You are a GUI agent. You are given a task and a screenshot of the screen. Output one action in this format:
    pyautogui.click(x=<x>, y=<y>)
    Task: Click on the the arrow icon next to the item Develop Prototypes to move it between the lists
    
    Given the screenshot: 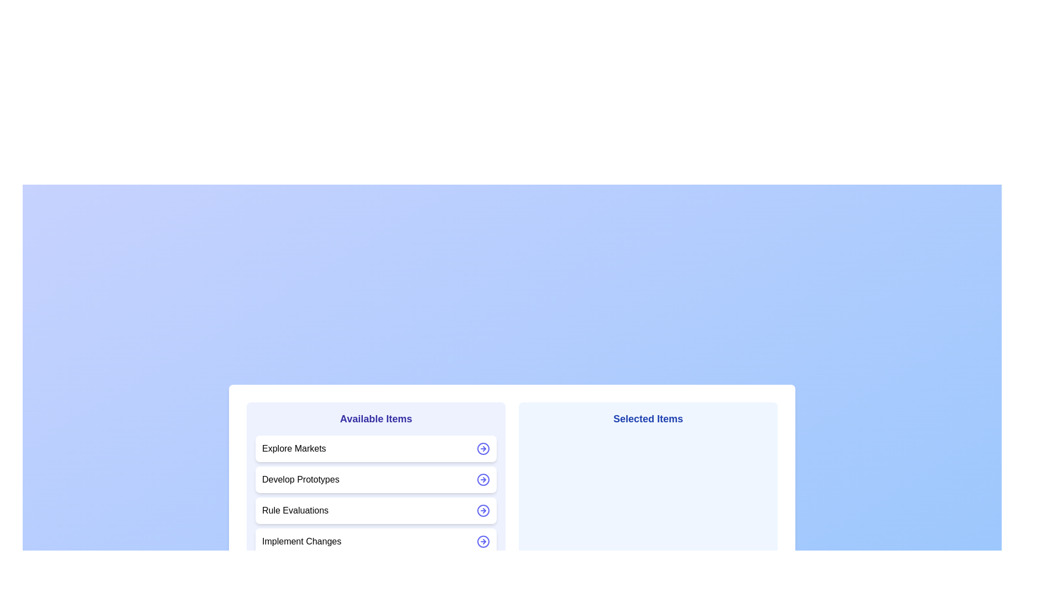 What is the action you would take?
    pyautogui.click(x=483, y=479)
    